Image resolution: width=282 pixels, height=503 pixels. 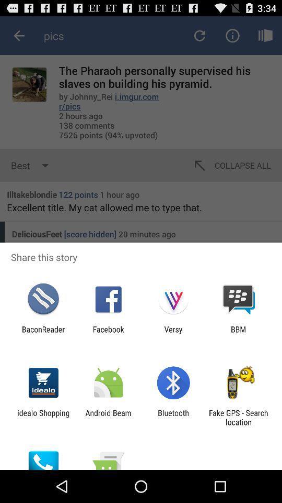 I want to click on the fake gps search icon, so click(x=238, y=417).